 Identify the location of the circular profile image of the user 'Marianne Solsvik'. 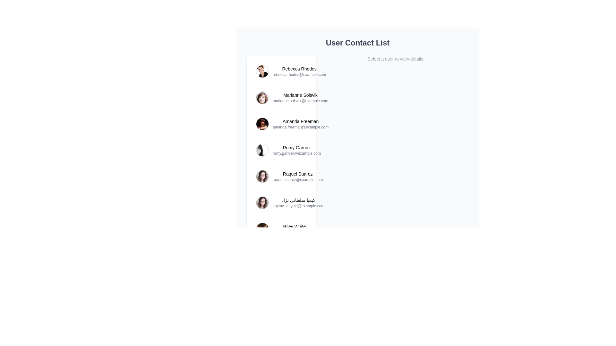
(281, 97).